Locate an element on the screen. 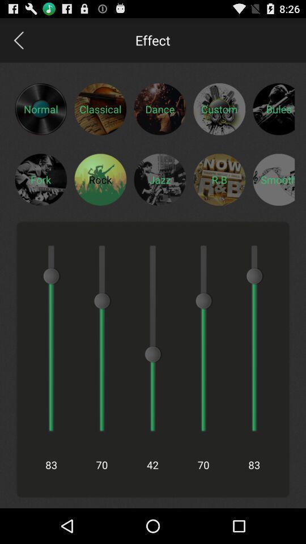 Image resolution: width=306 pixels, height=544 pixels. choice of a character is located at coordinates (100, 179).